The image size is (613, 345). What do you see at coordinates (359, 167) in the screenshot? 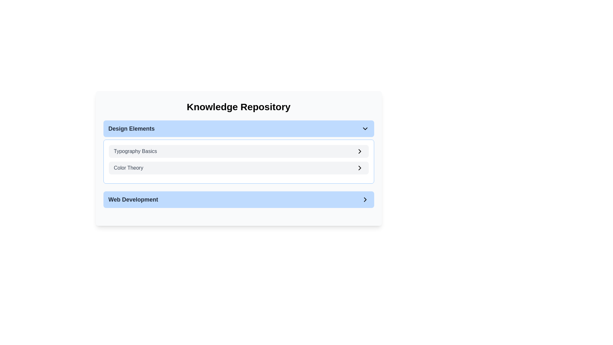
I see `the chevron-right icon located on the right side of the 'Color Theory' list item` at bounding box center [359, 167].